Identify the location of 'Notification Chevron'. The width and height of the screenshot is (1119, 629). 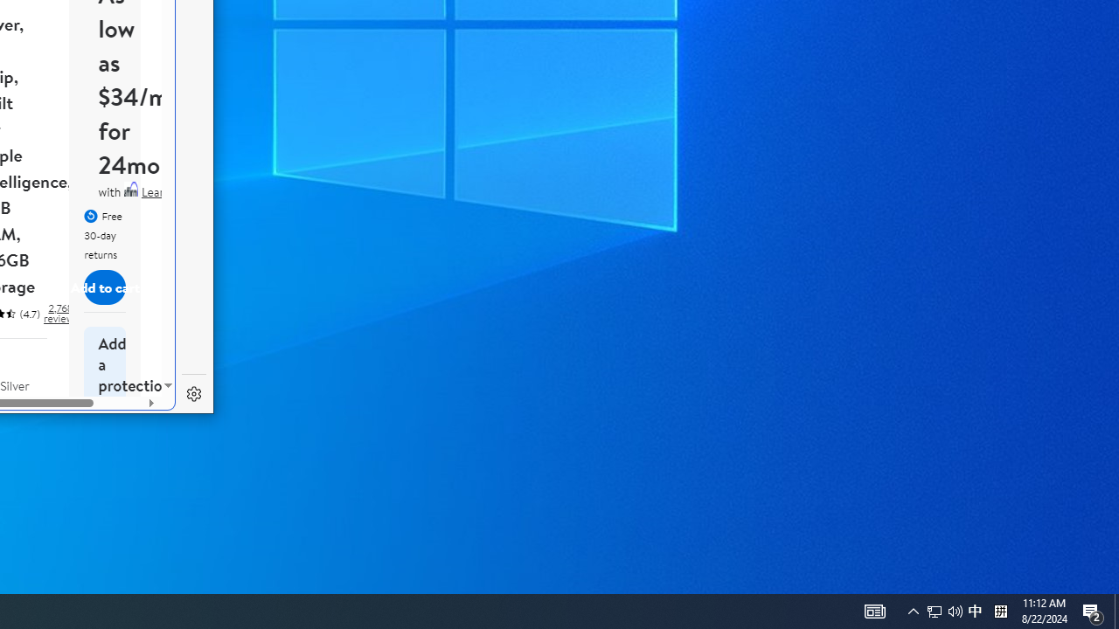
(913, 610).